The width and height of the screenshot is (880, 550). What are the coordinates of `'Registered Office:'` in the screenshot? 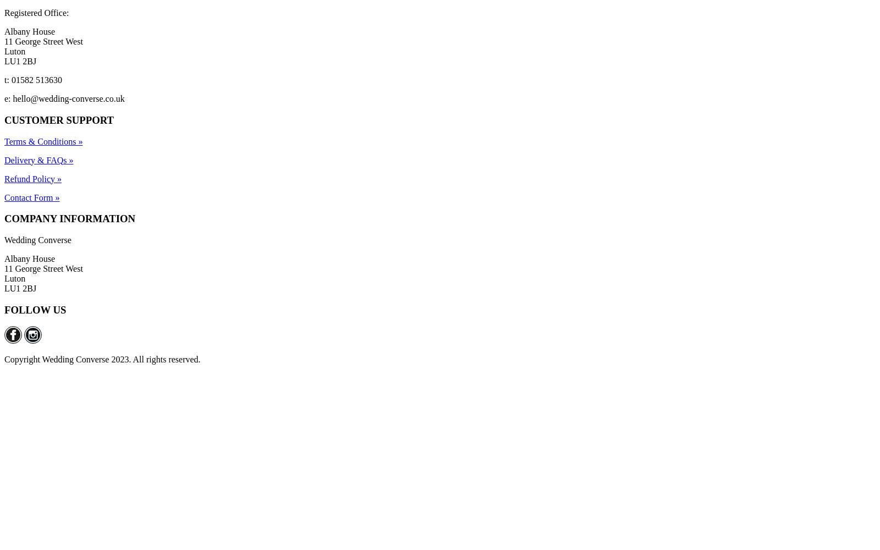 It's located at (4, 13).